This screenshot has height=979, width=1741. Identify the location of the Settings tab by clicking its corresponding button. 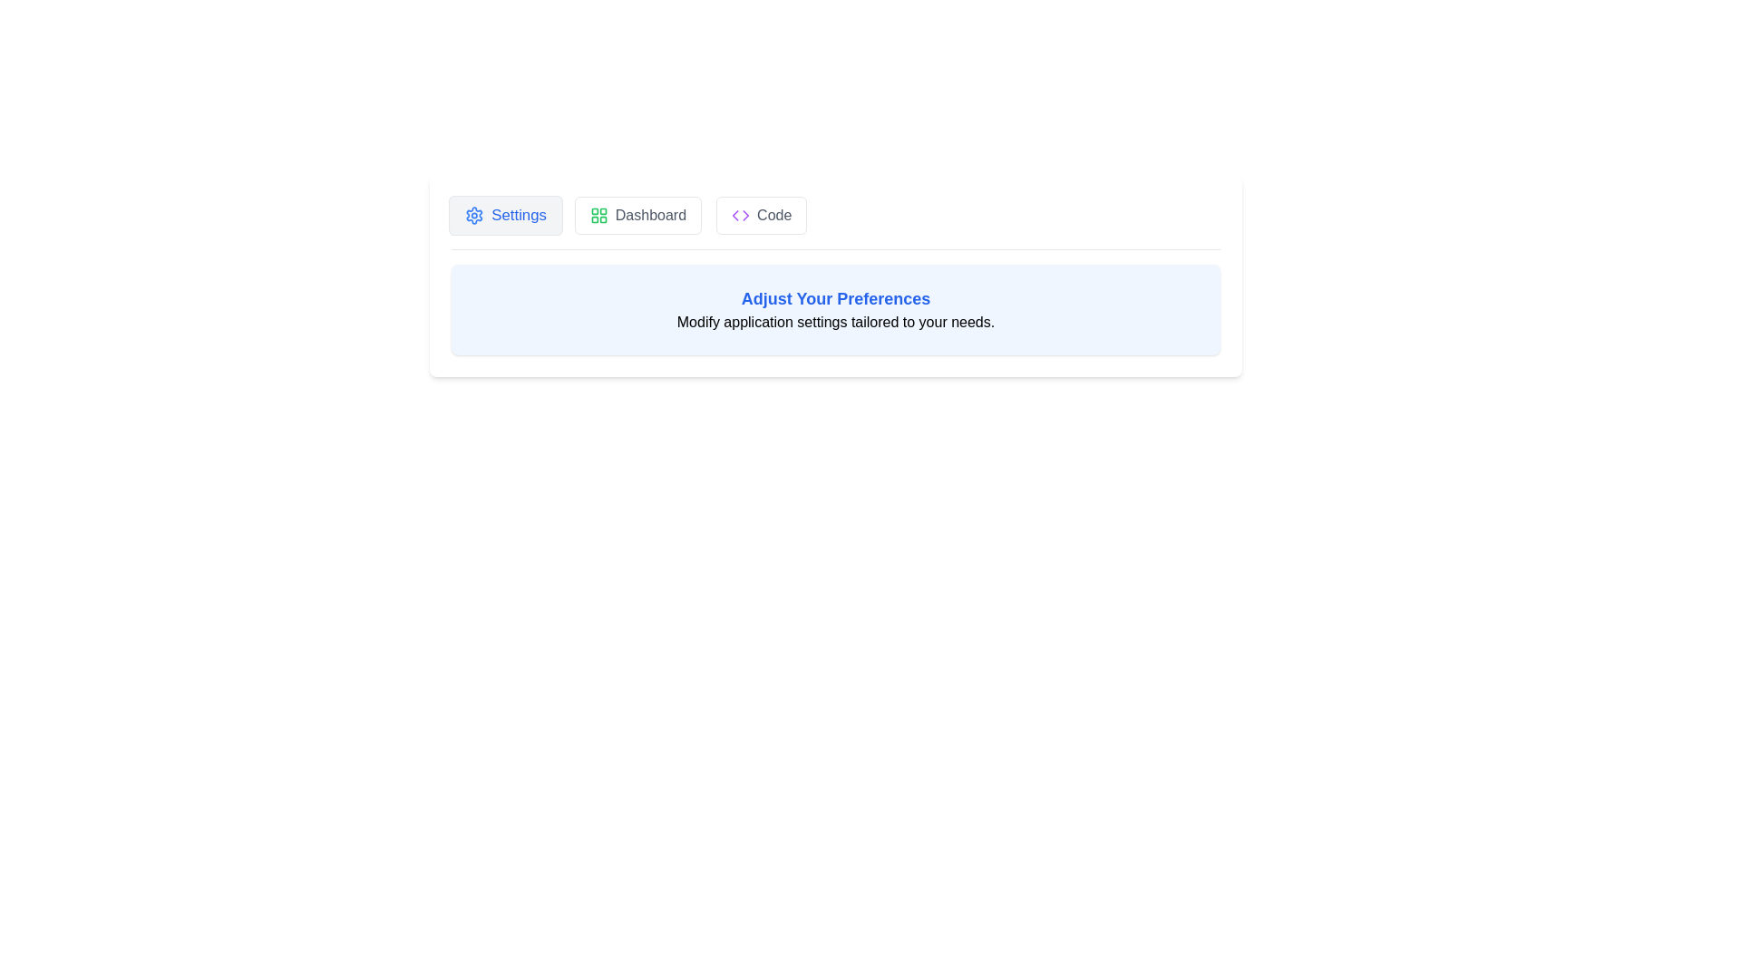
(505, 215).